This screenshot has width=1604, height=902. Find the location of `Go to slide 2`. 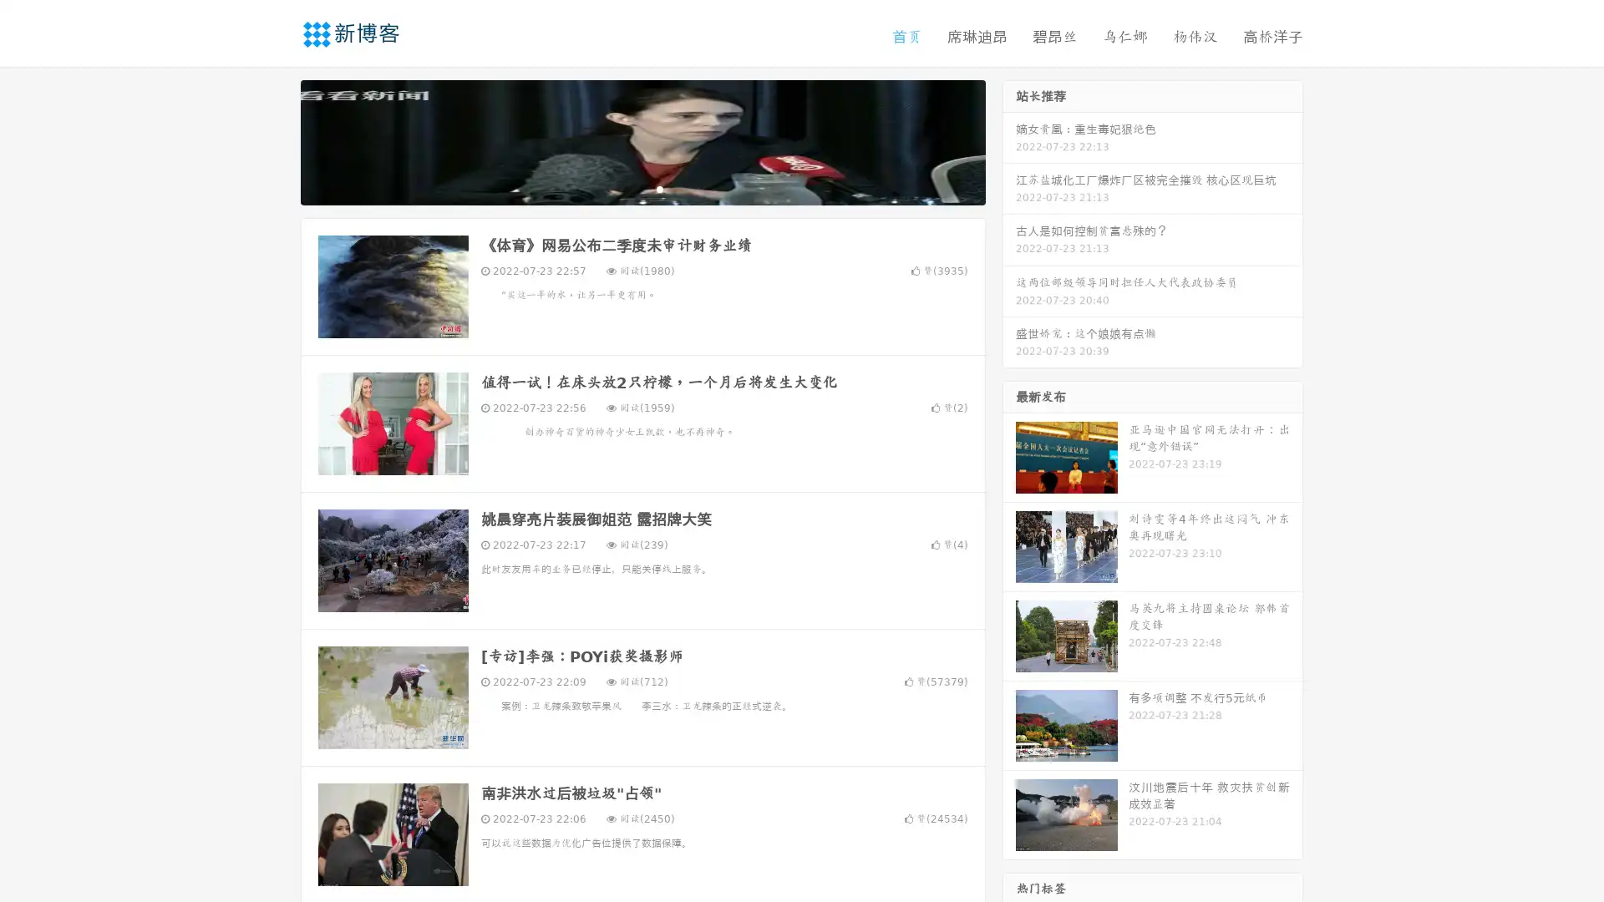

Go to slide 2 is located at coordinates (642, 188).